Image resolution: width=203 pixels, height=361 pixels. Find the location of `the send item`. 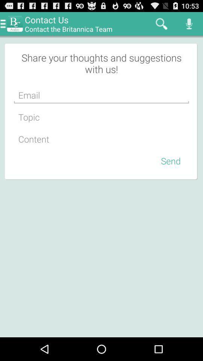

the send item is located at coordinates (171, 161).